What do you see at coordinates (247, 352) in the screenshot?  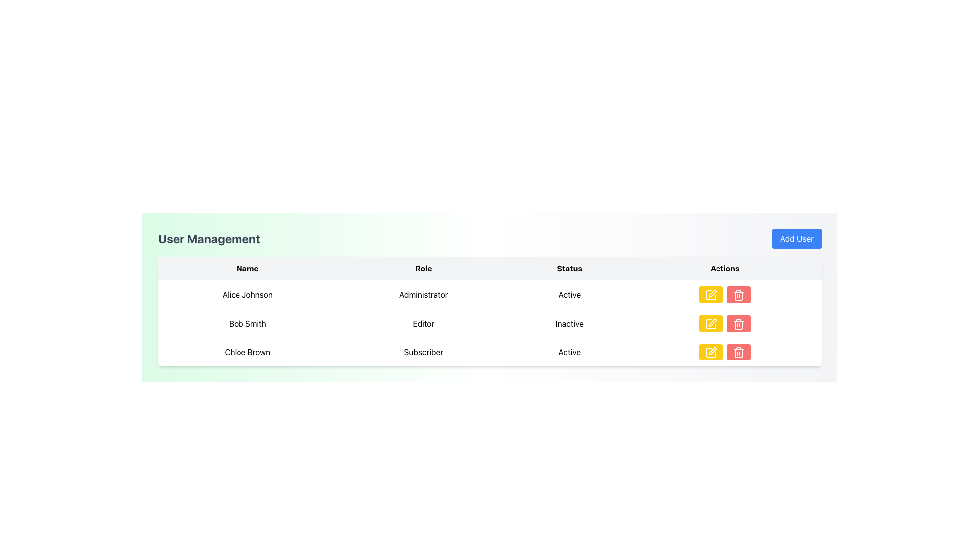 I see `the Static Text Label displaying 'Chloe Brown' in the third row of the user management table` at bounding box center [247, 352].